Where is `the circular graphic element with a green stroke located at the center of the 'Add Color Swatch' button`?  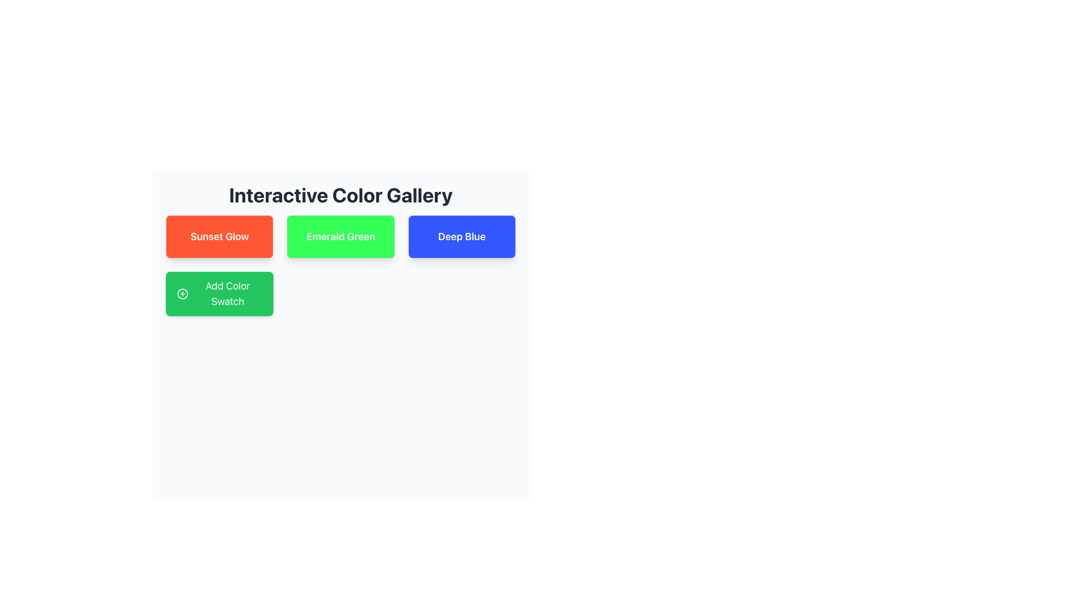 the circular graphic element with a green stroke located at the center of the 'Add Color Swatch' button is located at coordinates (182, 293).